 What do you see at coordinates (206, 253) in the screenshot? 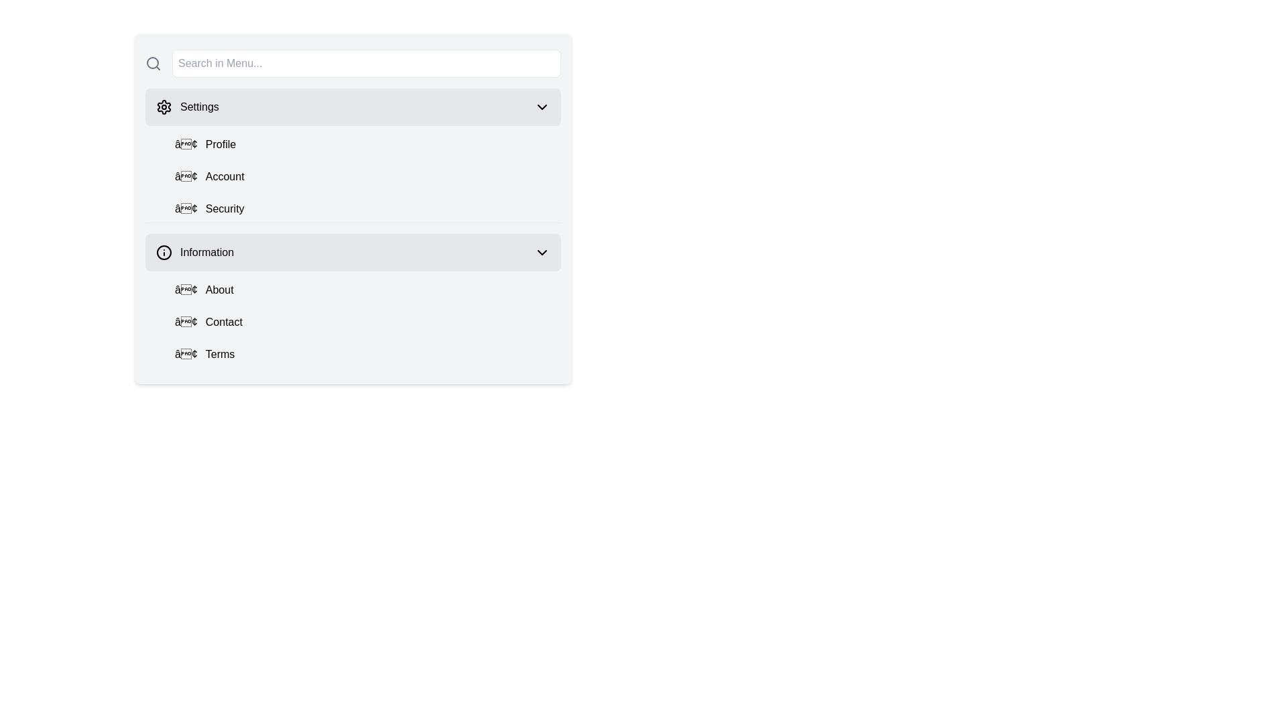
I see `the 'Information' label, which is a static text element displaying the word 'Information' in bold, slightly larger font, positioned to the right of an information icon in a vertically arranged menu layout` at bounding box center [206, 253].